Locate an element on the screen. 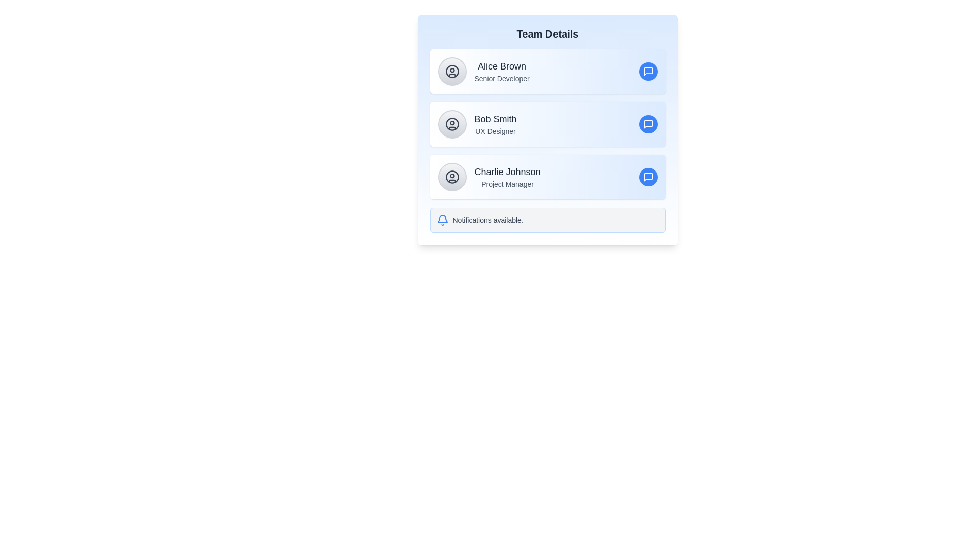 This screenshot has height=548, width=975. the user profile silhouette icon in the 'Team Details' section, which is located beside the text label 'Charlie Johnson' is located at coordinates (451, 176).